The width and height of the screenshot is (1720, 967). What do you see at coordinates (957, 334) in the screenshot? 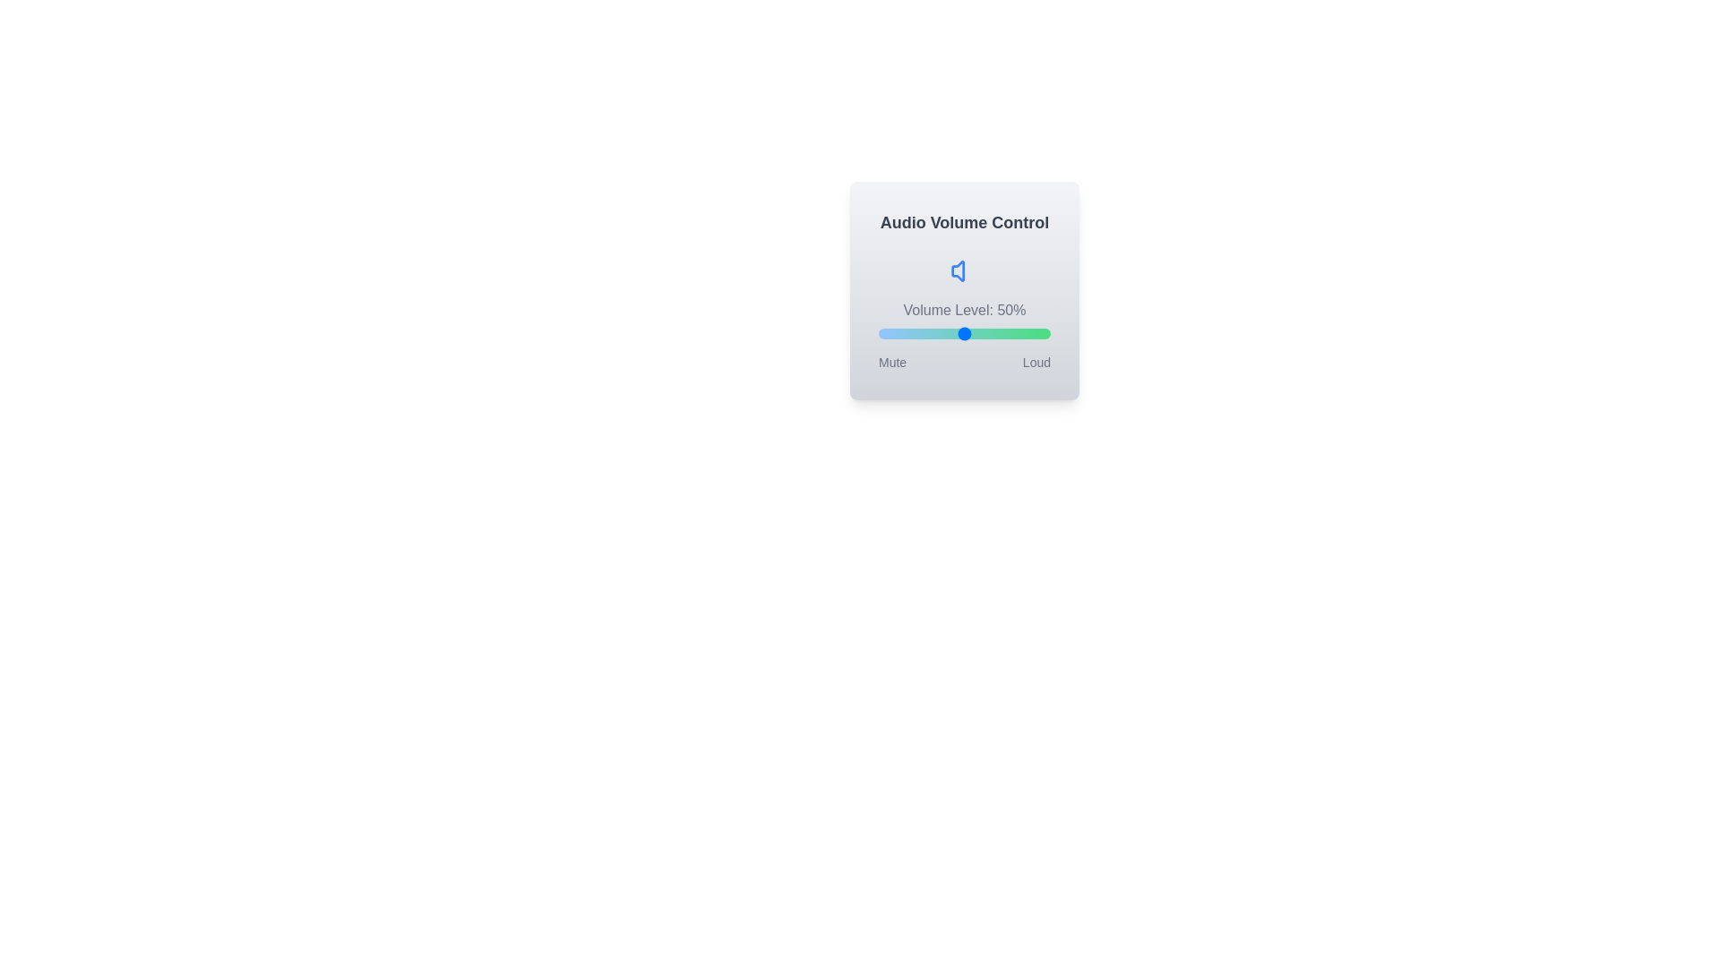
I see `the volume slider to set the volume to 46%` at bounding box center [957, 334].